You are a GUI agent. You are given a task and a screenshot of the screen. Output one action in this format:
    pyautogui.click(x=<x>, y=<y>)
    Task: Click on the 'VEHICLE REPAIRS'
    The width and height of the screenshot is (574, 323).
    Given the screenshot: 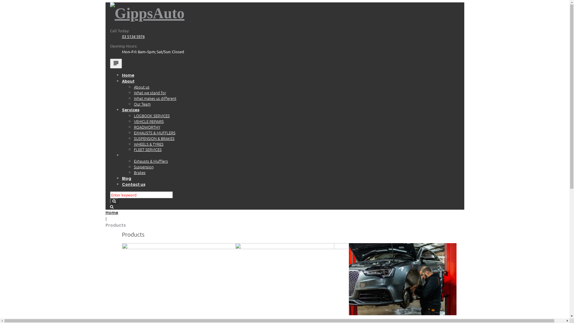 What is the action you would take?
    pyautogui.click(x=149, y=121)
    